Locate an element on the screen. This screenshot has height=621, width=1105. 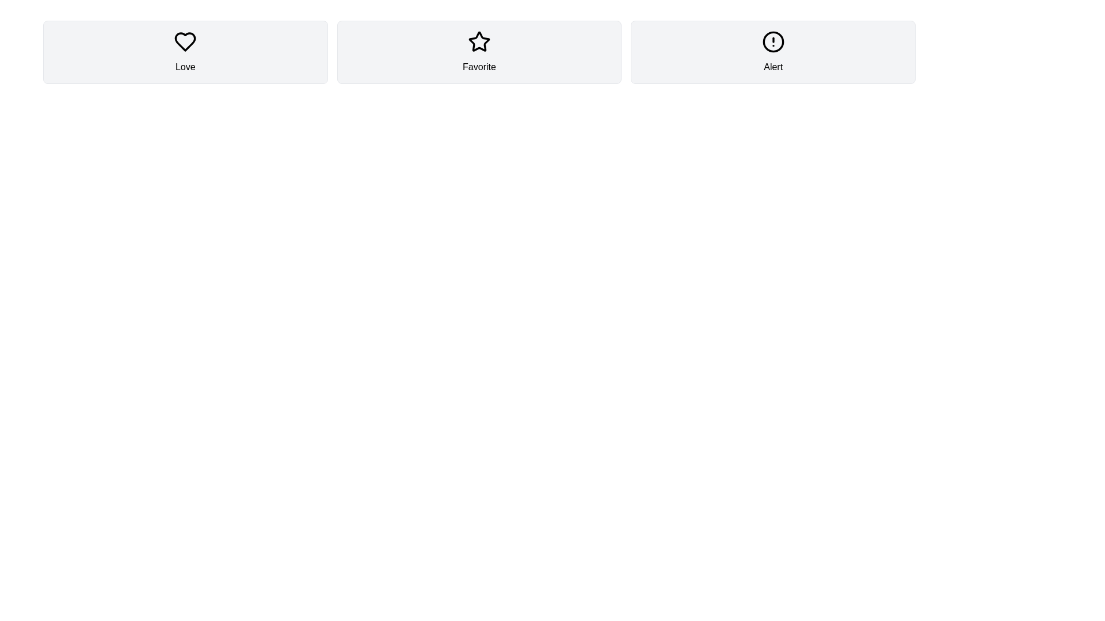
the SVG circle graphic that serves as part of the alert icon's design, indicating a warning or caution is located at coordinates (773, 41).